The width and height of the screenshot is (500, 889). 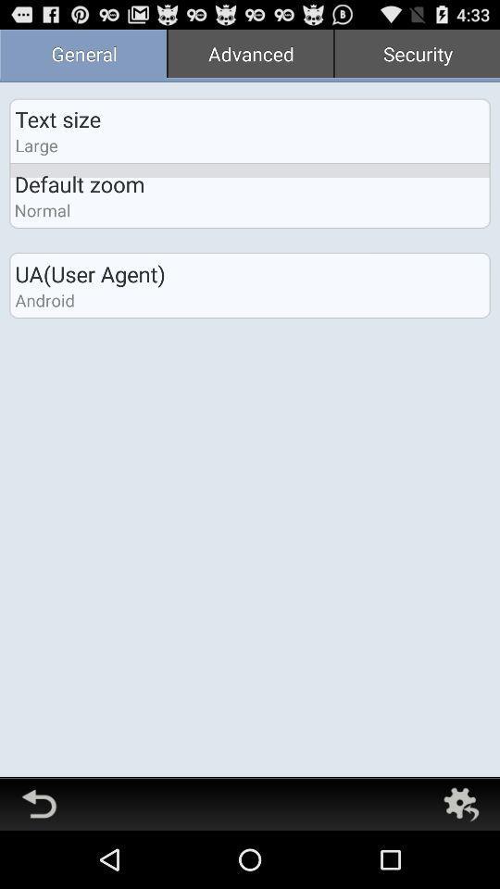 What do you see at coordinates (44, 300) in the screenshot?
I see `the app below the ua(user agent) app` at bounding box center [44, 300].